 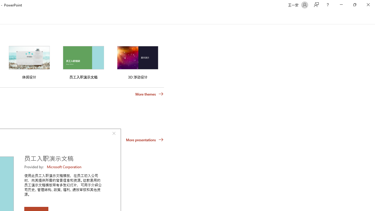 What do you see at coordinates (341, 5) in the screenshot?
I see `'Minimize'` at bounding box center [341, 5].